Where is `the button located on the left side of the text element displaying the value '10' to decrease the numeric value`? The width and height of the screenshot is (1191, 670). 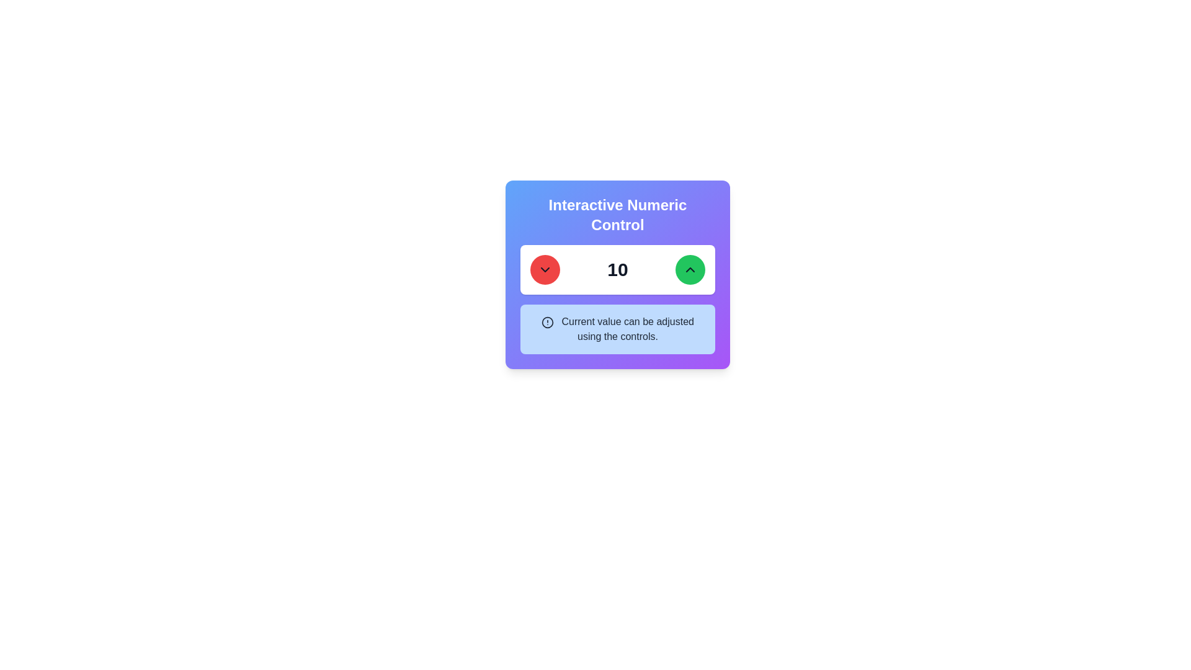 the button located on the left side of the text element displaying the value '10' to decrease the numeric value is located at coordinates (545, 269).